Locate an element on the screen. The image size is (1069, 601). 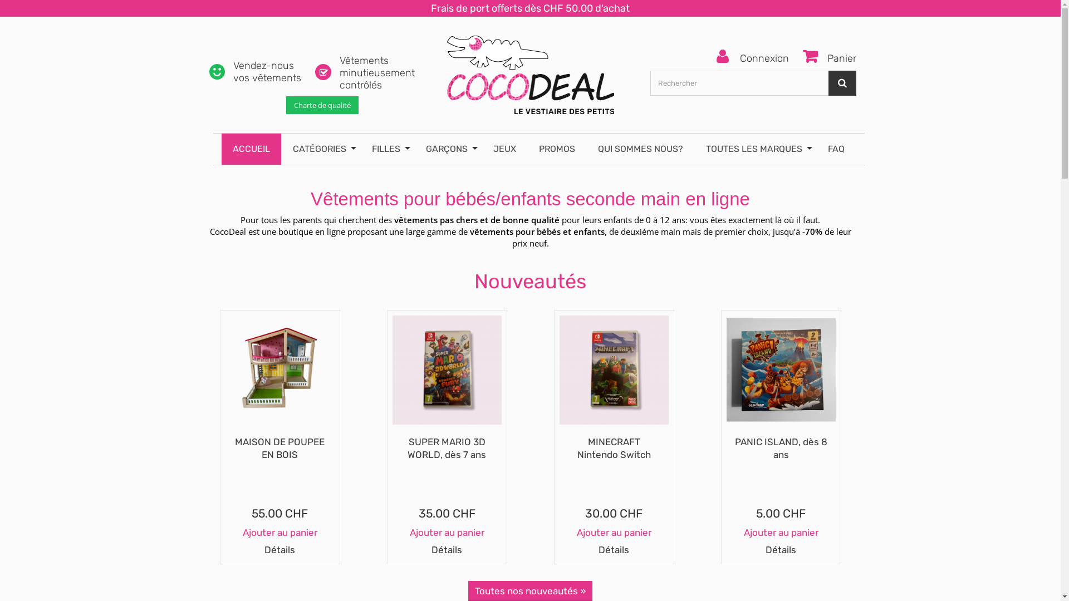
'Panier' is located at coordinates (825, 57).